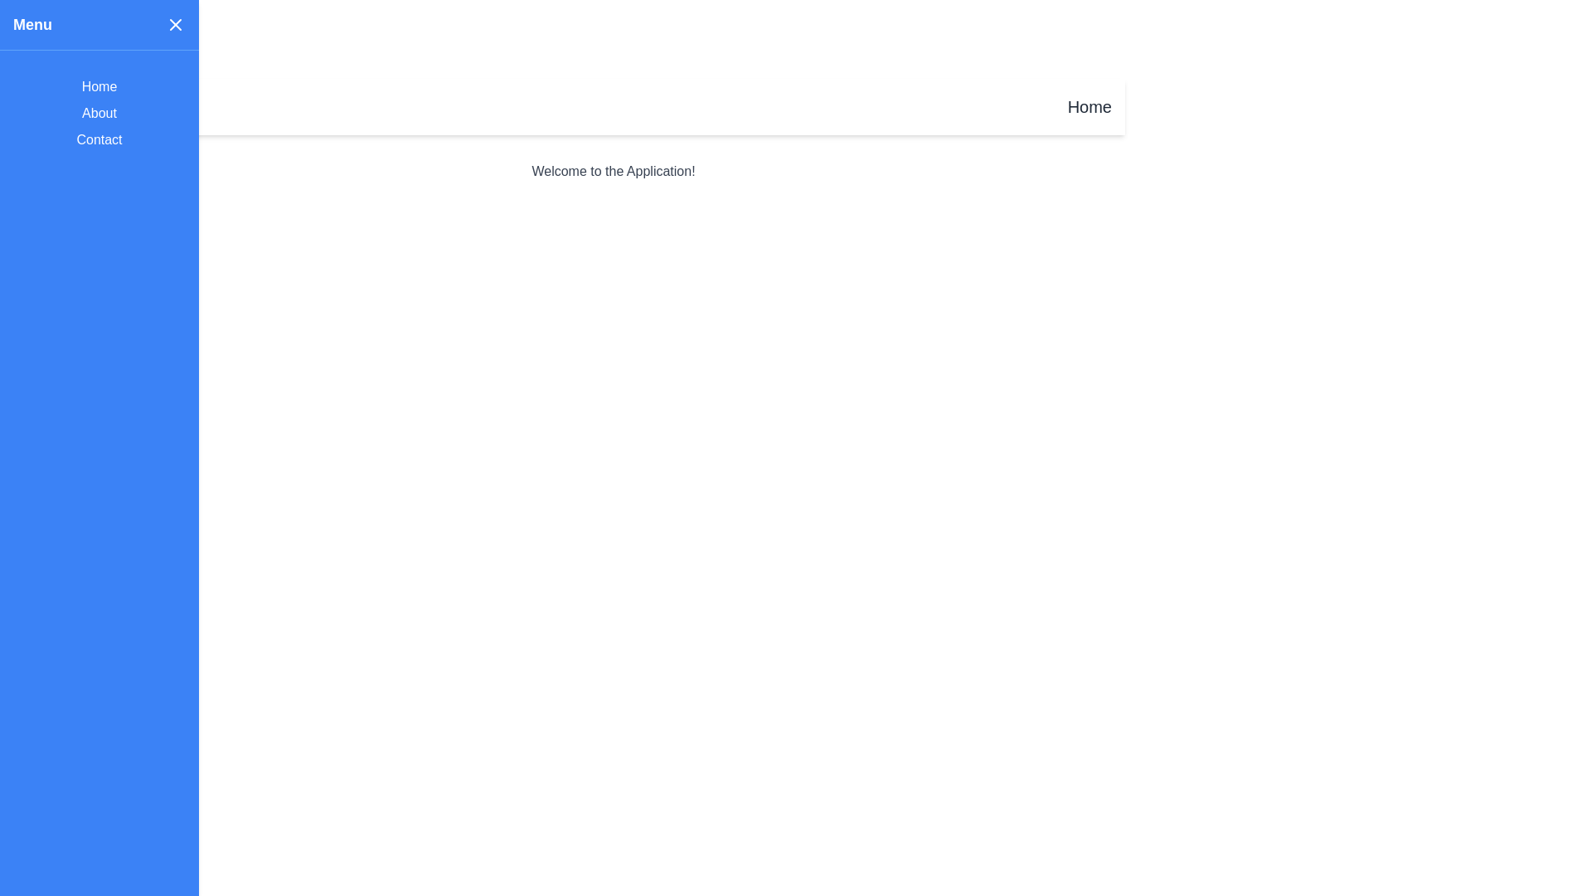 Image resolution: width=1592 pixels, height=896 pixels. I want to click on the 'Home' text label, which is bold and dark gray, located in the upper-right corner of the application interface, so click(1090, 106).